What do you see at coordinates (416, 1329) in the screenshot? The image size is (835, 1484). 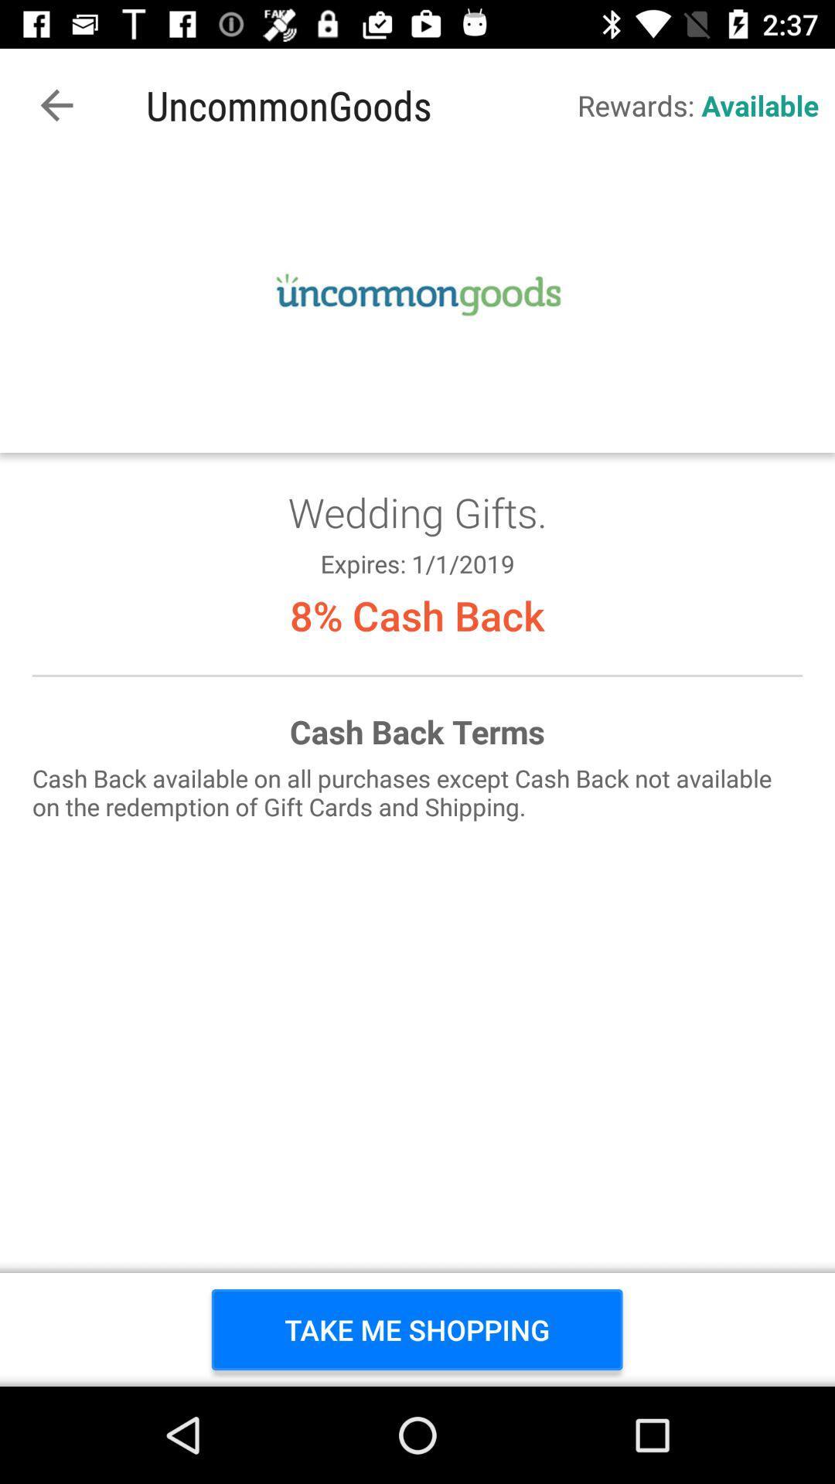 I see `the take me shopping icon` at bounding box center [416, 1329].